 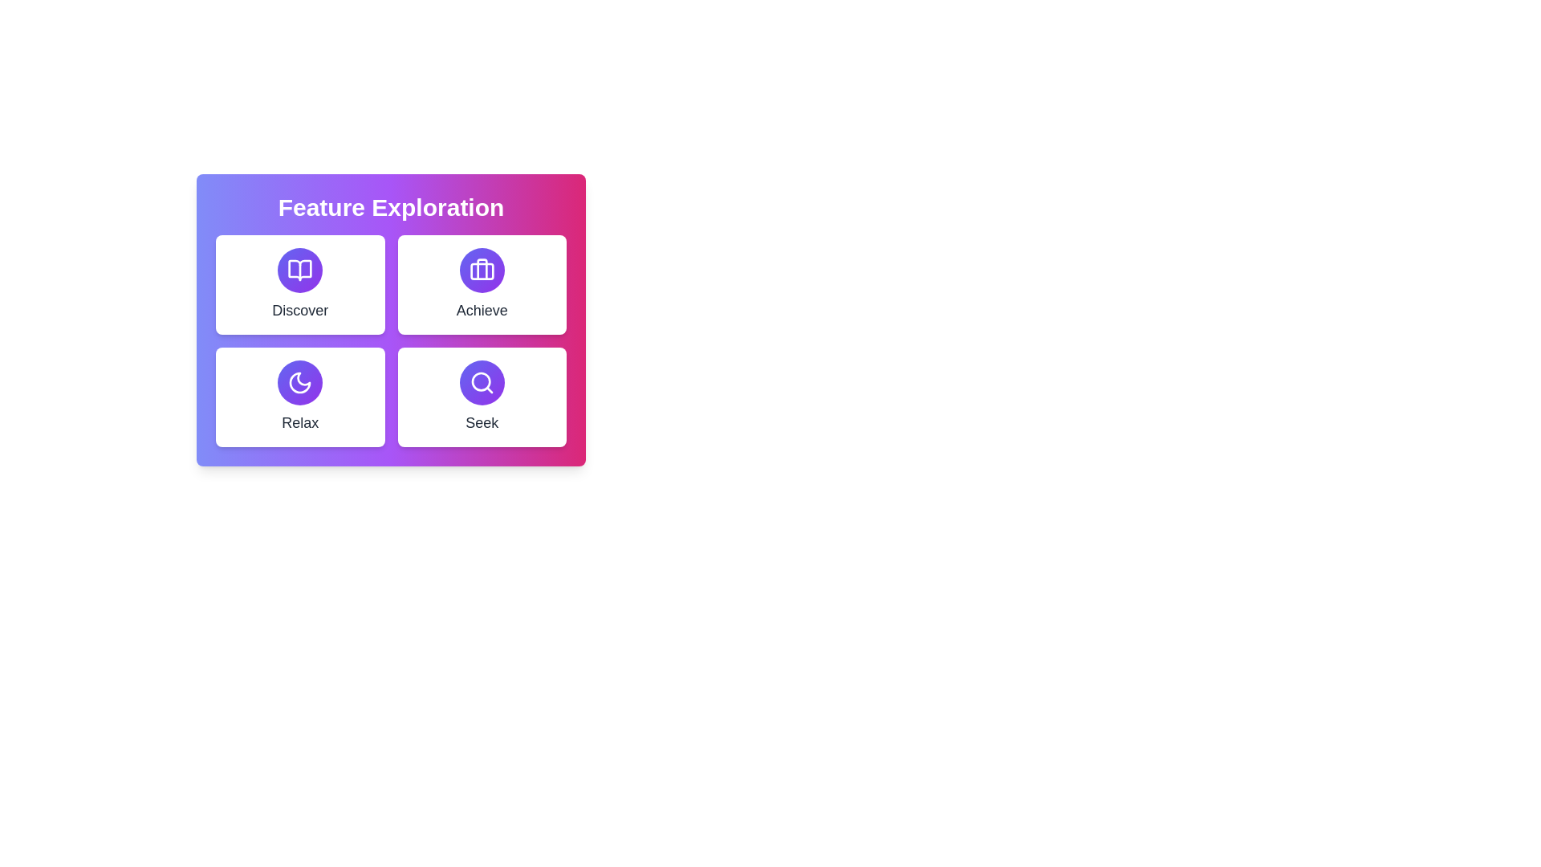 I want to click on the navigational card located in the bottom-right corner of the 2x2 grid layout to initiate a search or exploration action, so click(x=481, y=397).